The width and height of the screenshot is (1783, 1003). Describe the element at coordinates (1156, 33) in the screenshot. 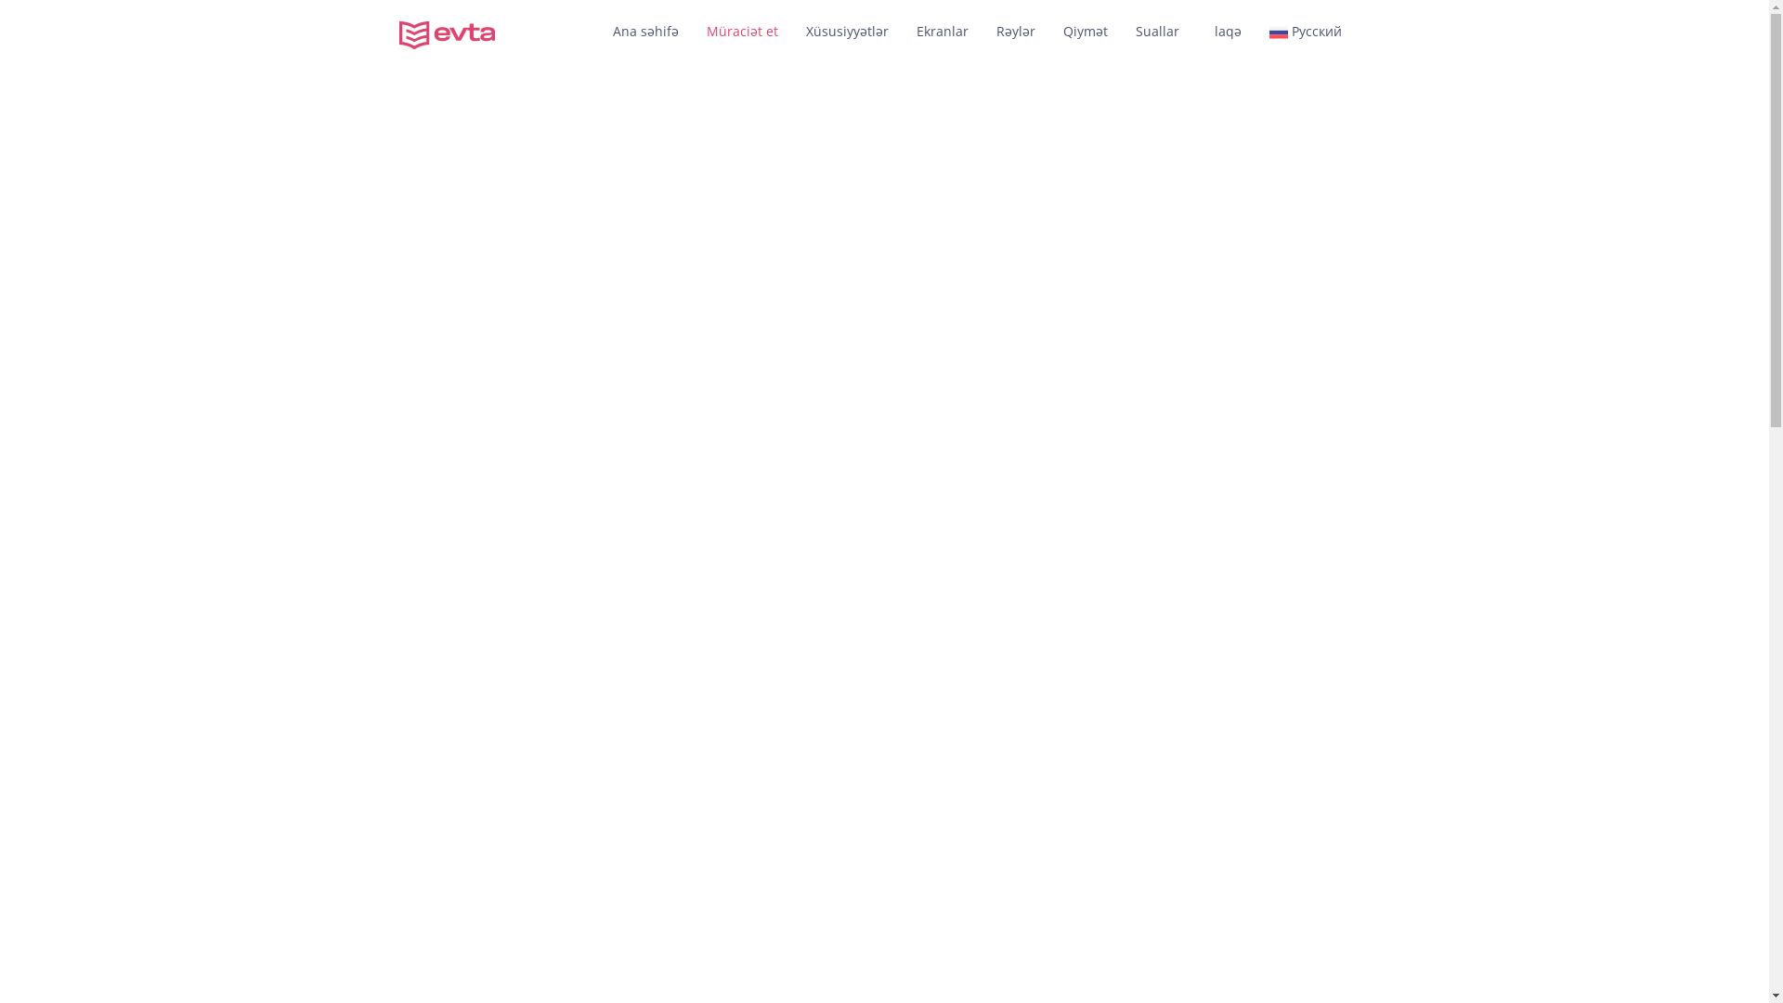

I see `'Suallar'` at that location.